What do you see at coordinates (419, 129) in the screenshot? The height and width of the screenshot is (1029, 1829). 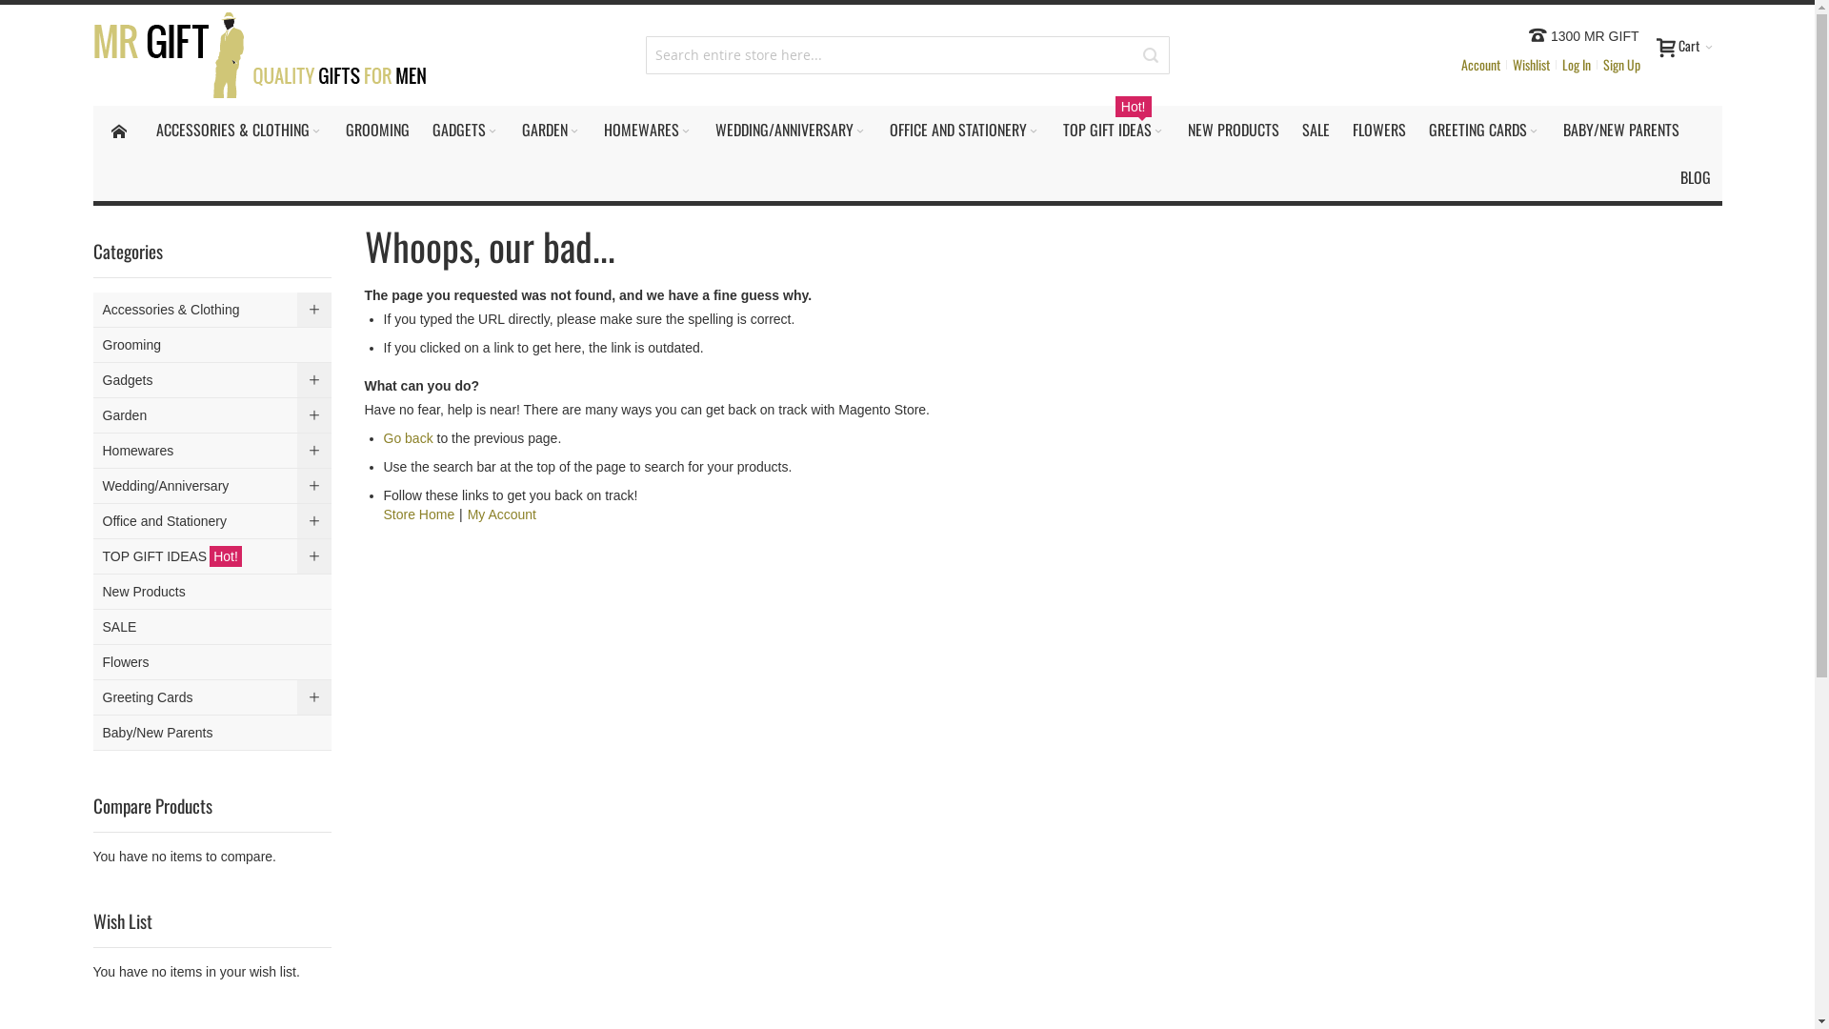 I see `'GADGETS'` at bounding box center [419, 129].